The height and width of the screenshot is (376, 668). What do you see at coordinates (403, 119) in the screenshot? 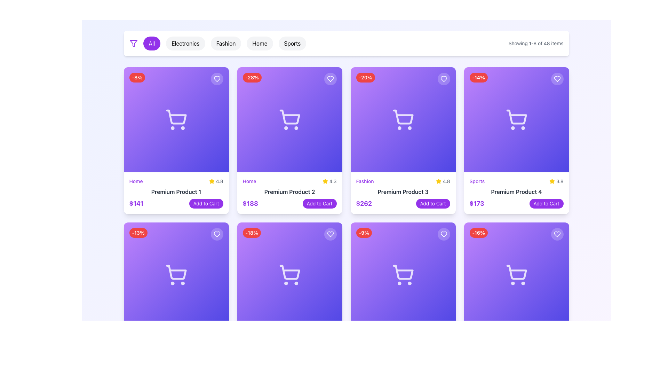
I see `the shopping cart icon located in the Premium Product 3 card, which is centered within a purple-to-indigo gradient square` at bounding box center [403, 119].